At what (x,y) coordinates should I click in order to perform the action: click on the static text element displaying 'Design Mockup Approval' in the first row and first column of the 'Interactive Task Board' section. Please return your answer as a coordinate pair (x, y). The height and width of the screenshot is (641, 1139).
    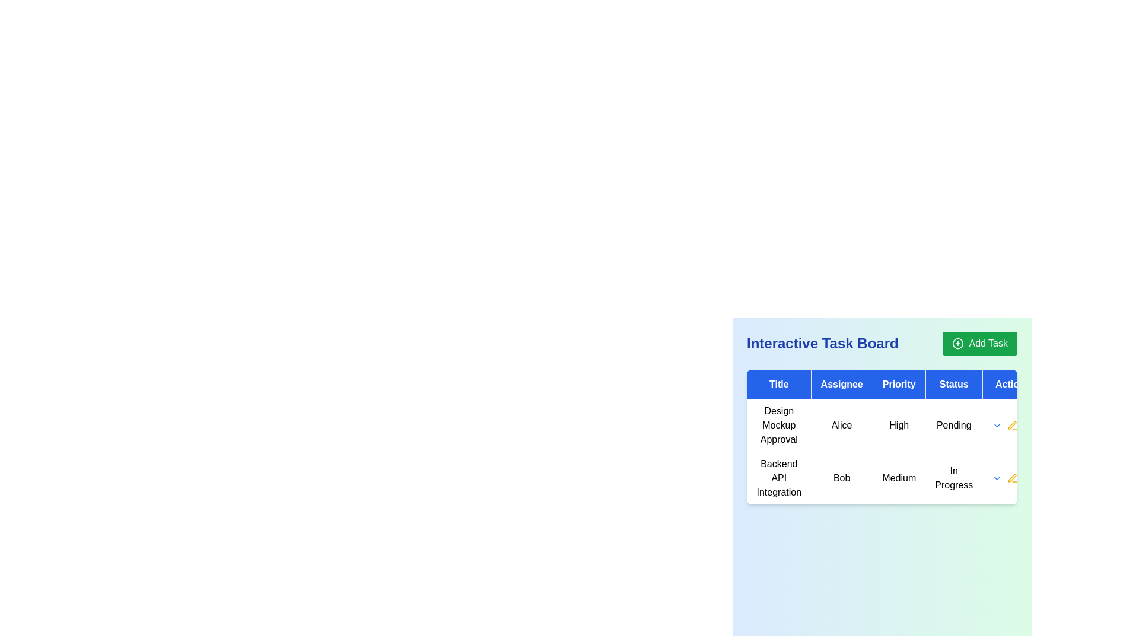
    Looking at the image, I should click on (779, 425).